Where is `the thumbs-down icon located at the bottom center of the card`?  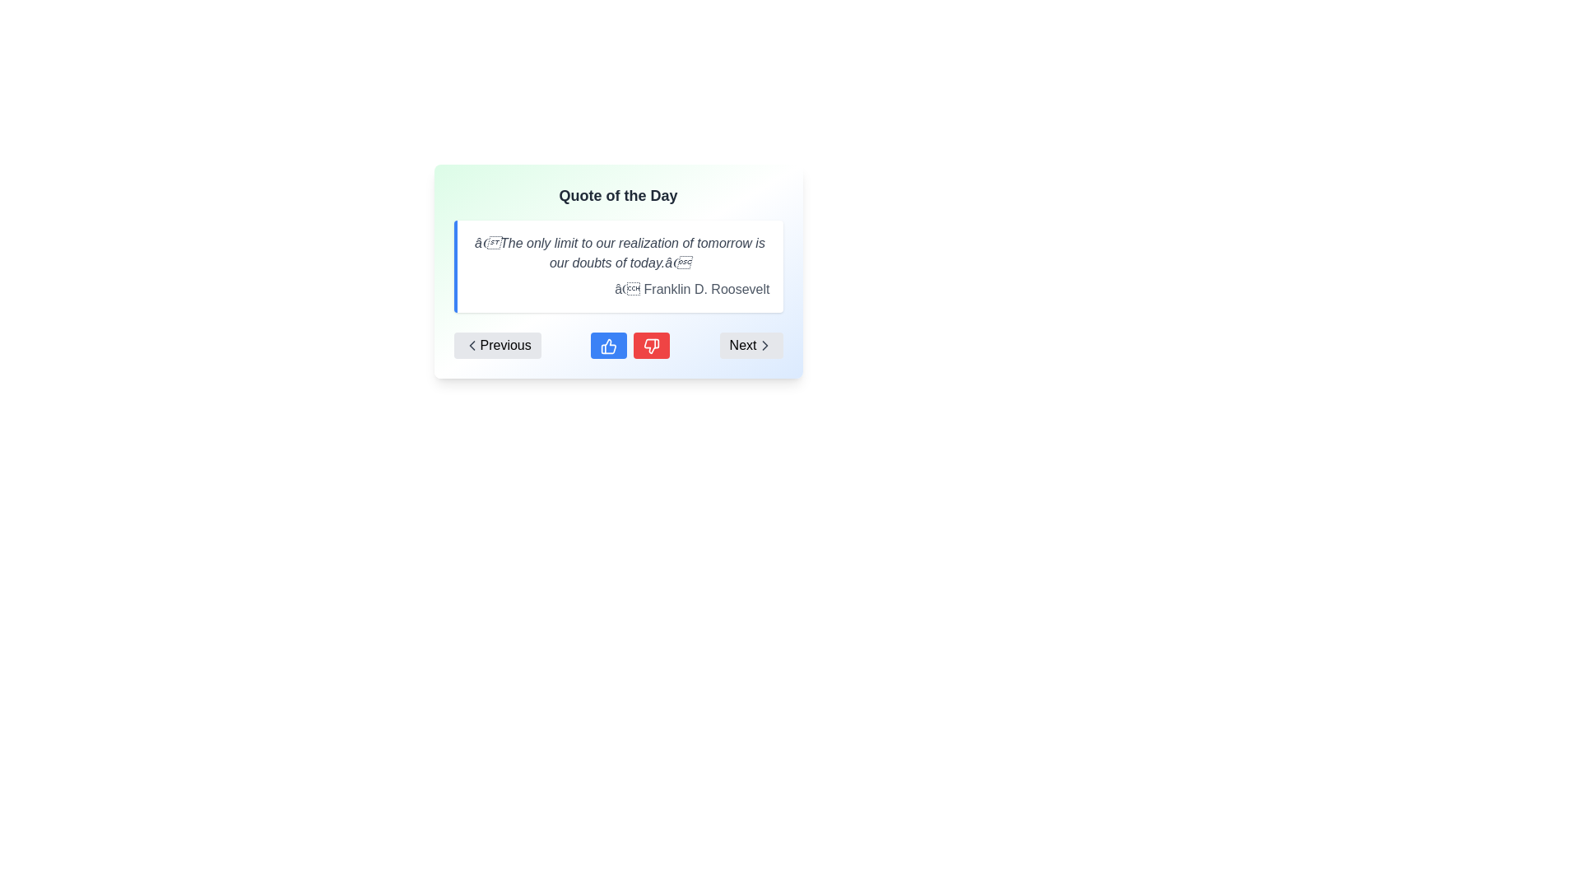
the thumbs-down icon located at the bottom center of the card is located at coordinates (651, 345).